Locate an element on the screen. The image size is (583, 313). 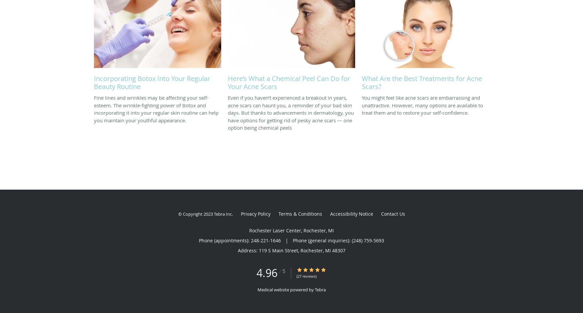
'Incorporating Botox Into Your Regular Beauty Routine' is located at coordinates (152, 82).